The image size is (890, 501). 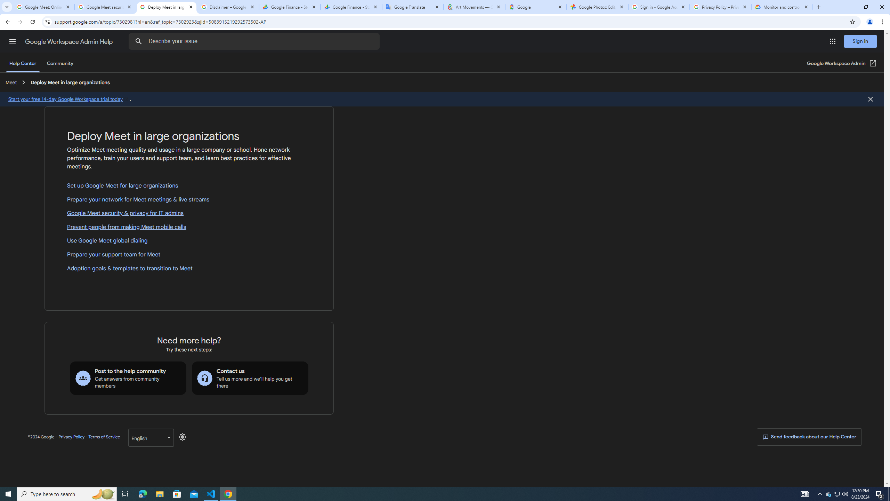 I want to click on 'Main menu', so click(x=12, y=41).